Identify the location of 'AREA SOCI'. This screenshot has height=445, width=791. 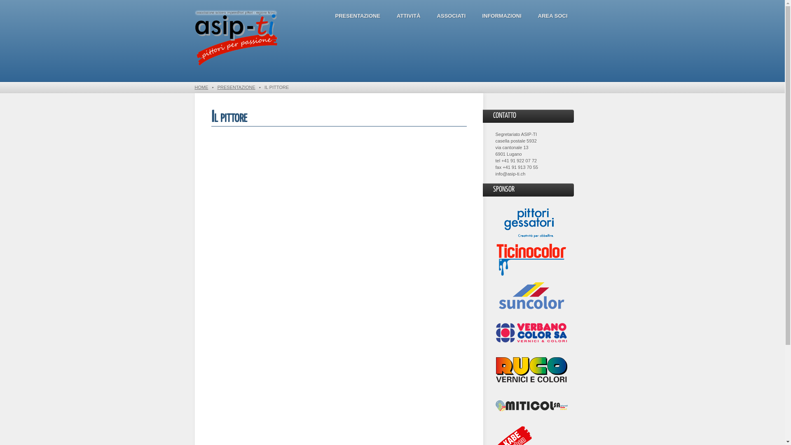
(553, 16).